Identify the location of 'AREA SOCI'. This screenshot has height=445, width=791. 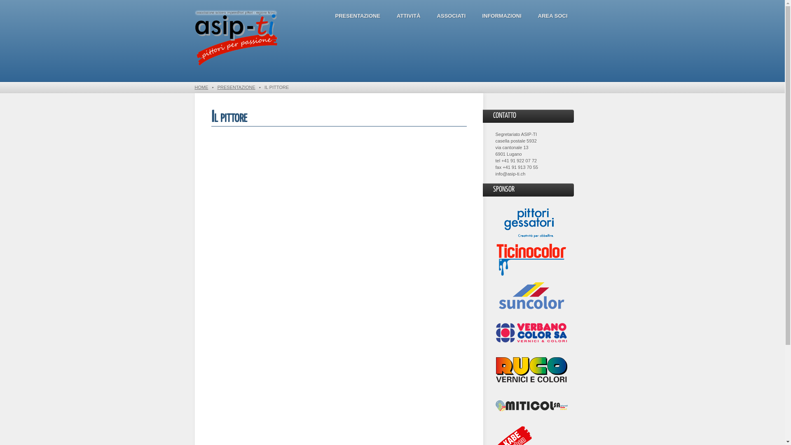
(553, 16).